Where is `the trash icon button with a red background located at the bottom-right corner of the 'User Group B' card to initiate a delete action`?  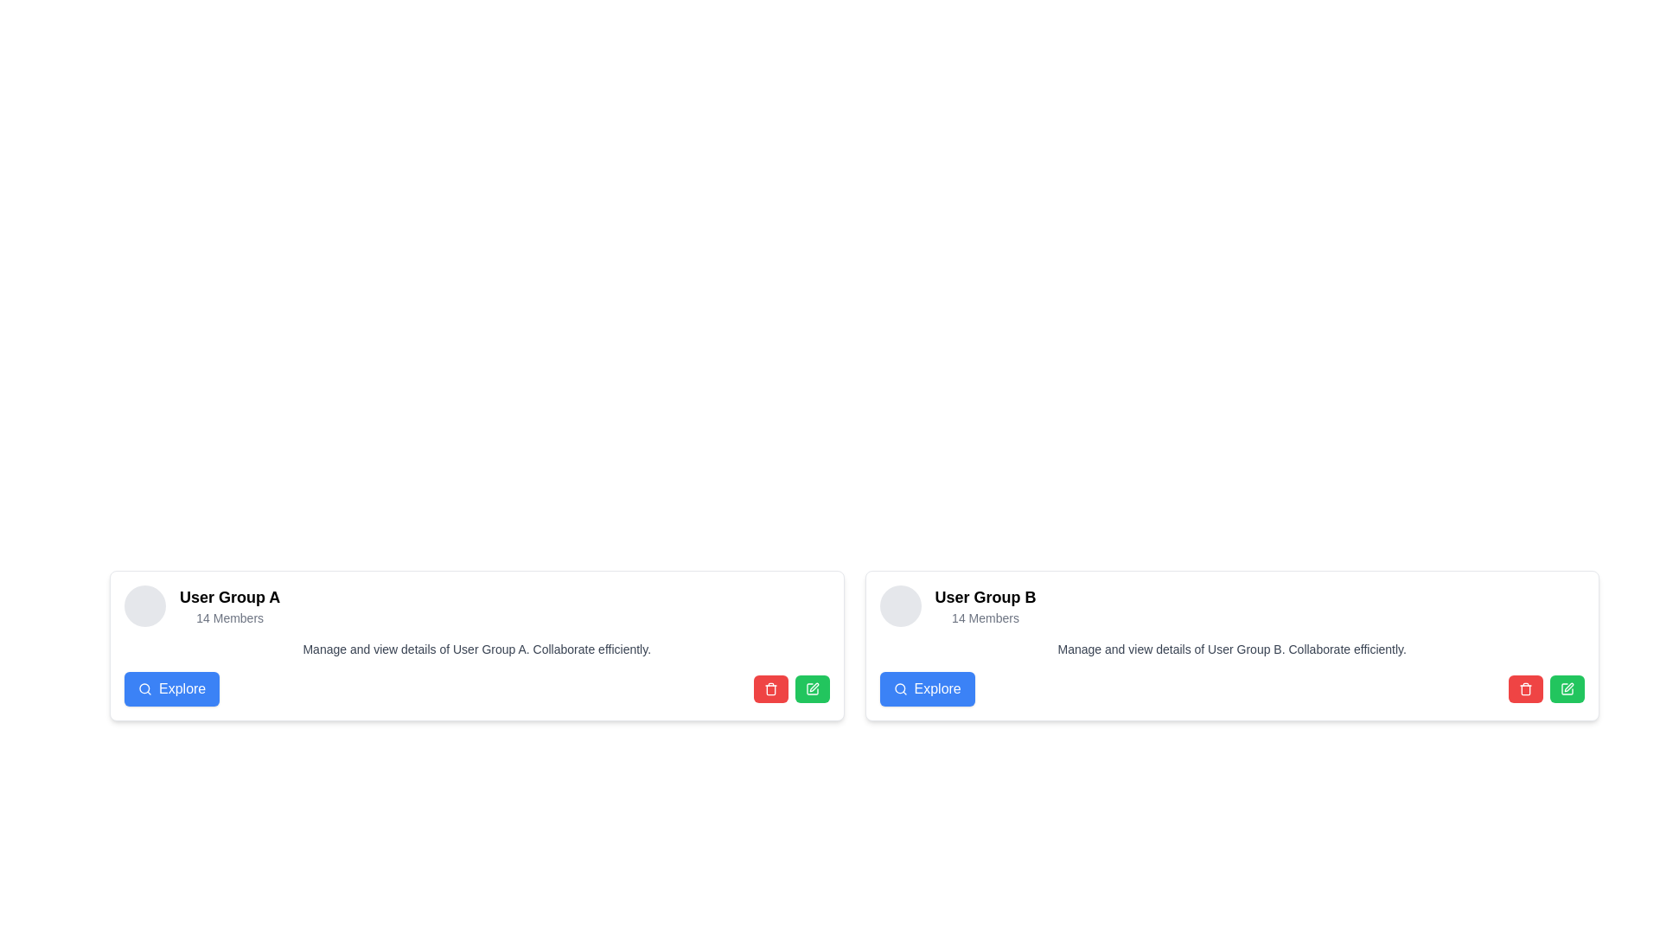 the trash icon button with a red background located at the bottom-right corner of the 'User Group B' card to initiate a delete action is located at coordinates (1526, 688).